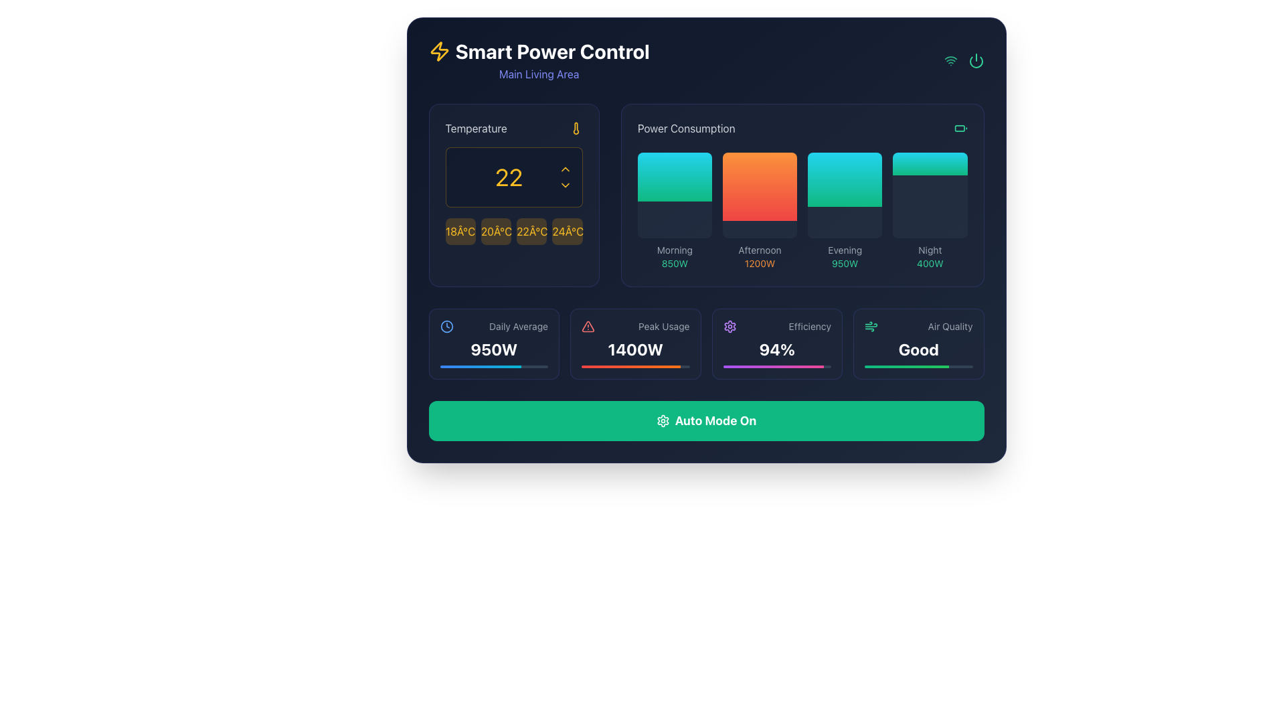 This screenshot has width=1285, height=723. Describe the element at coordinates (871, 327) in the screenshot. I see `the wind icon, which is a small green icon with curved horizontal lines located to the left of the 'Air Quality' text in the top-left area of its section` at that location.